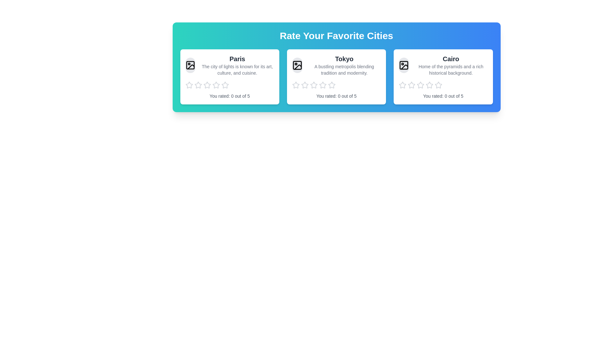 The height and width of the screenshot is (346, 615). Describe the element at coordinates (404, 65) in the screenshot. I see `the Decorative SVG element with rounded corners located in the circular icon area of the 'Cairo' card under the 'Rate Your Favorite Cities' title` at that location.